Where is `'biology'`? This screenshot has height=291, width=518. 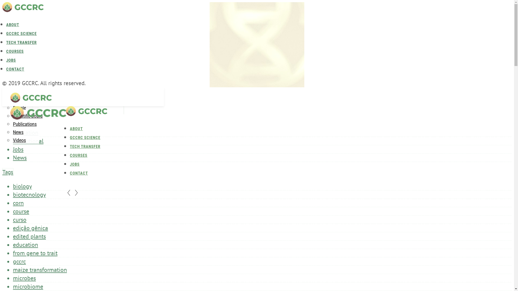 'biology' is located at coordinates (22, 186).